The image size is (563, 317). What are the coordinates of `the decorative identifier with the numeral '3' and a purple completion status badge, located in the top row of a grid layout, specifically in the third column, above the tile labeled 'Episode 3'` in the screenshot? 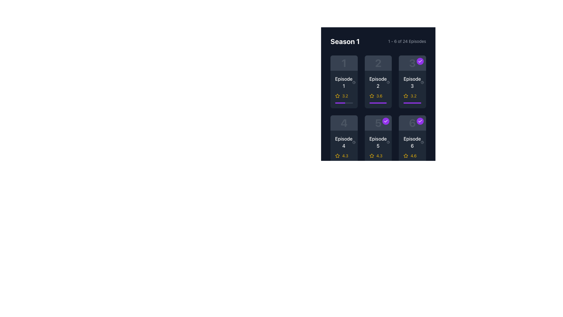 It's located at (412, 63).